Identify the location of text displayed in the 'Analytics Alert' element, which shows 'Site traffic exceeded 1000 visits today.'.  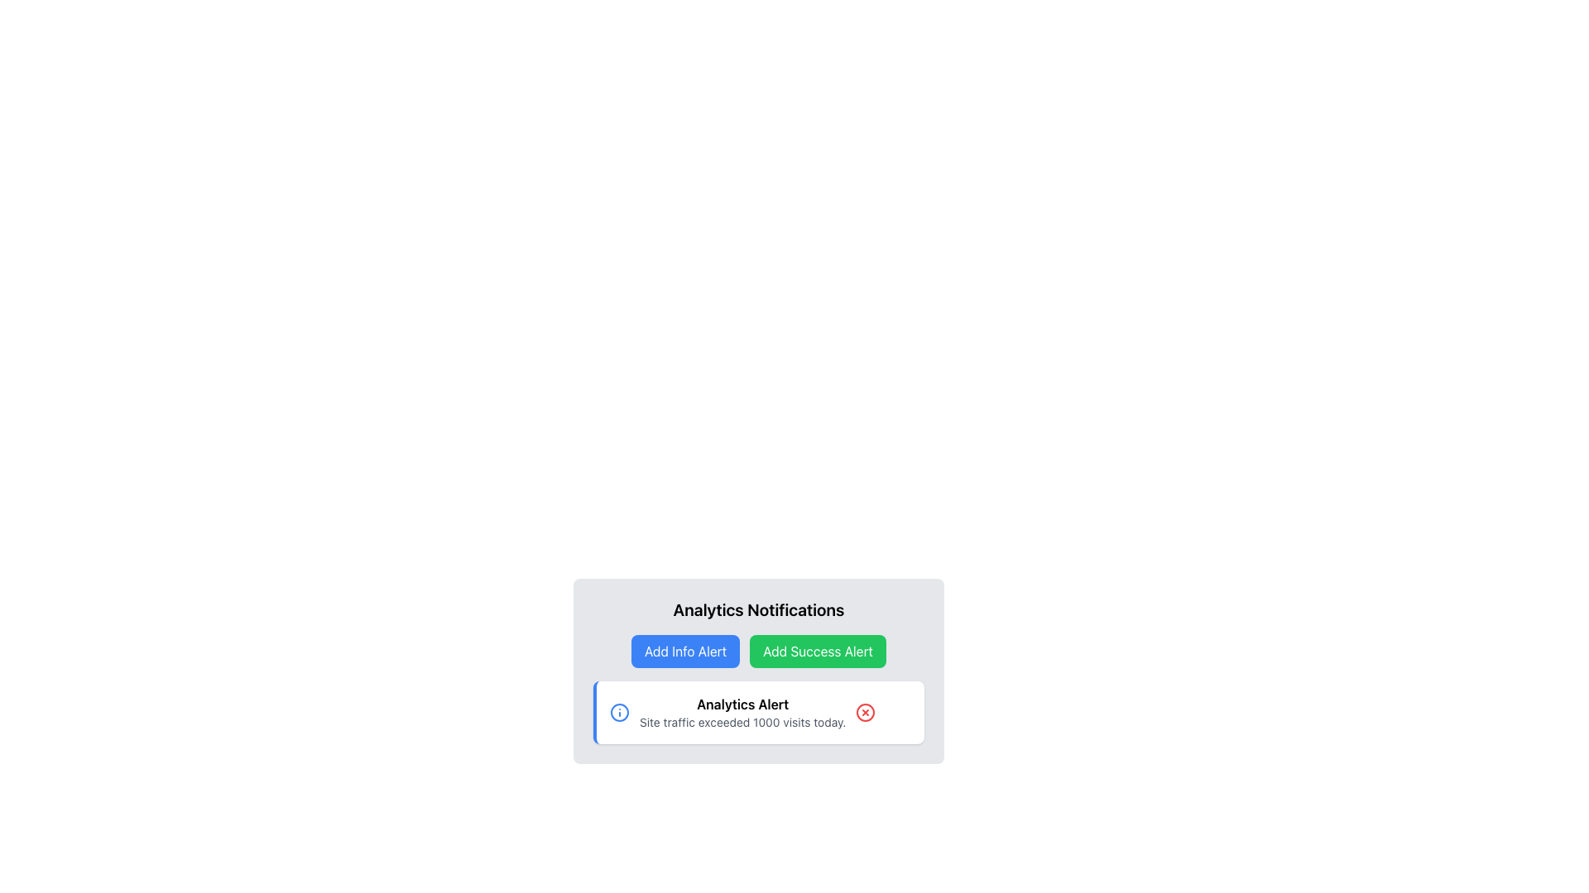
(742, 711).